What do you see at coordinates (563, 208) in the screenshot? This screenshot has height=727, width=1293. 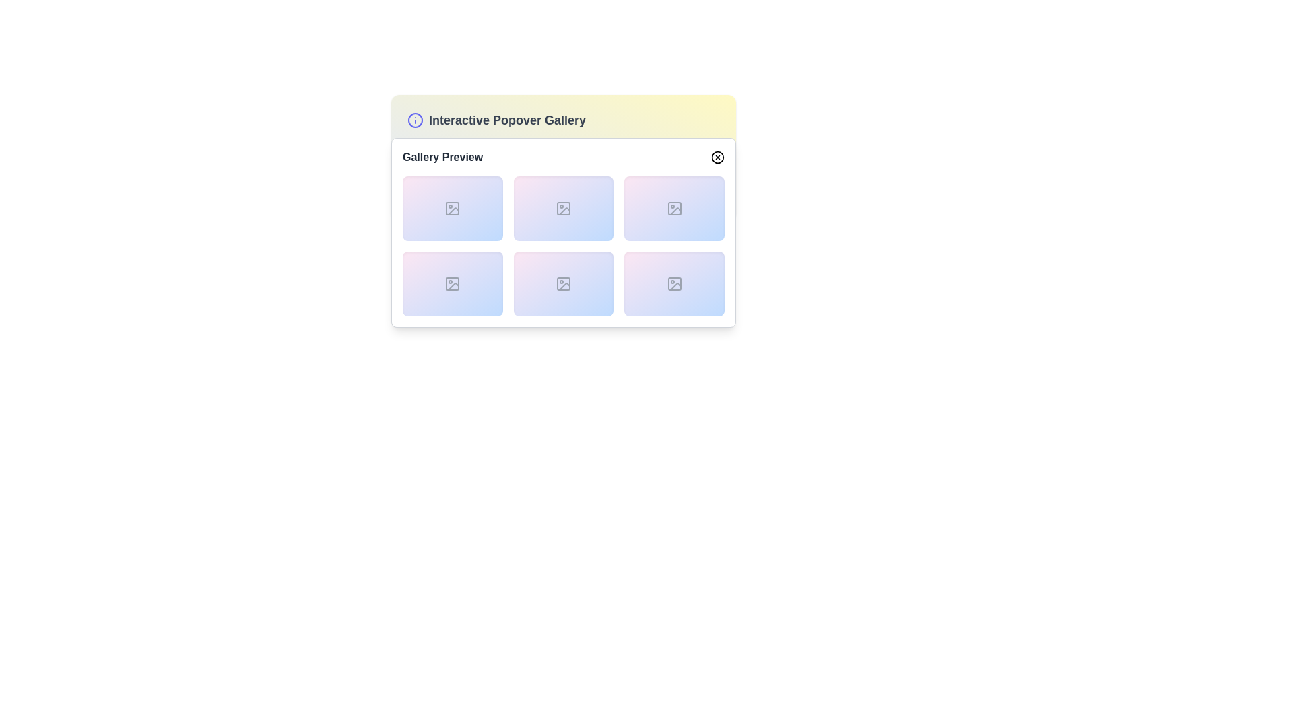 I see `the light gray decorative box with rounded corners located in the second placeholder image of the top row in the popover gallery interface` at bounding box center [563, 208].